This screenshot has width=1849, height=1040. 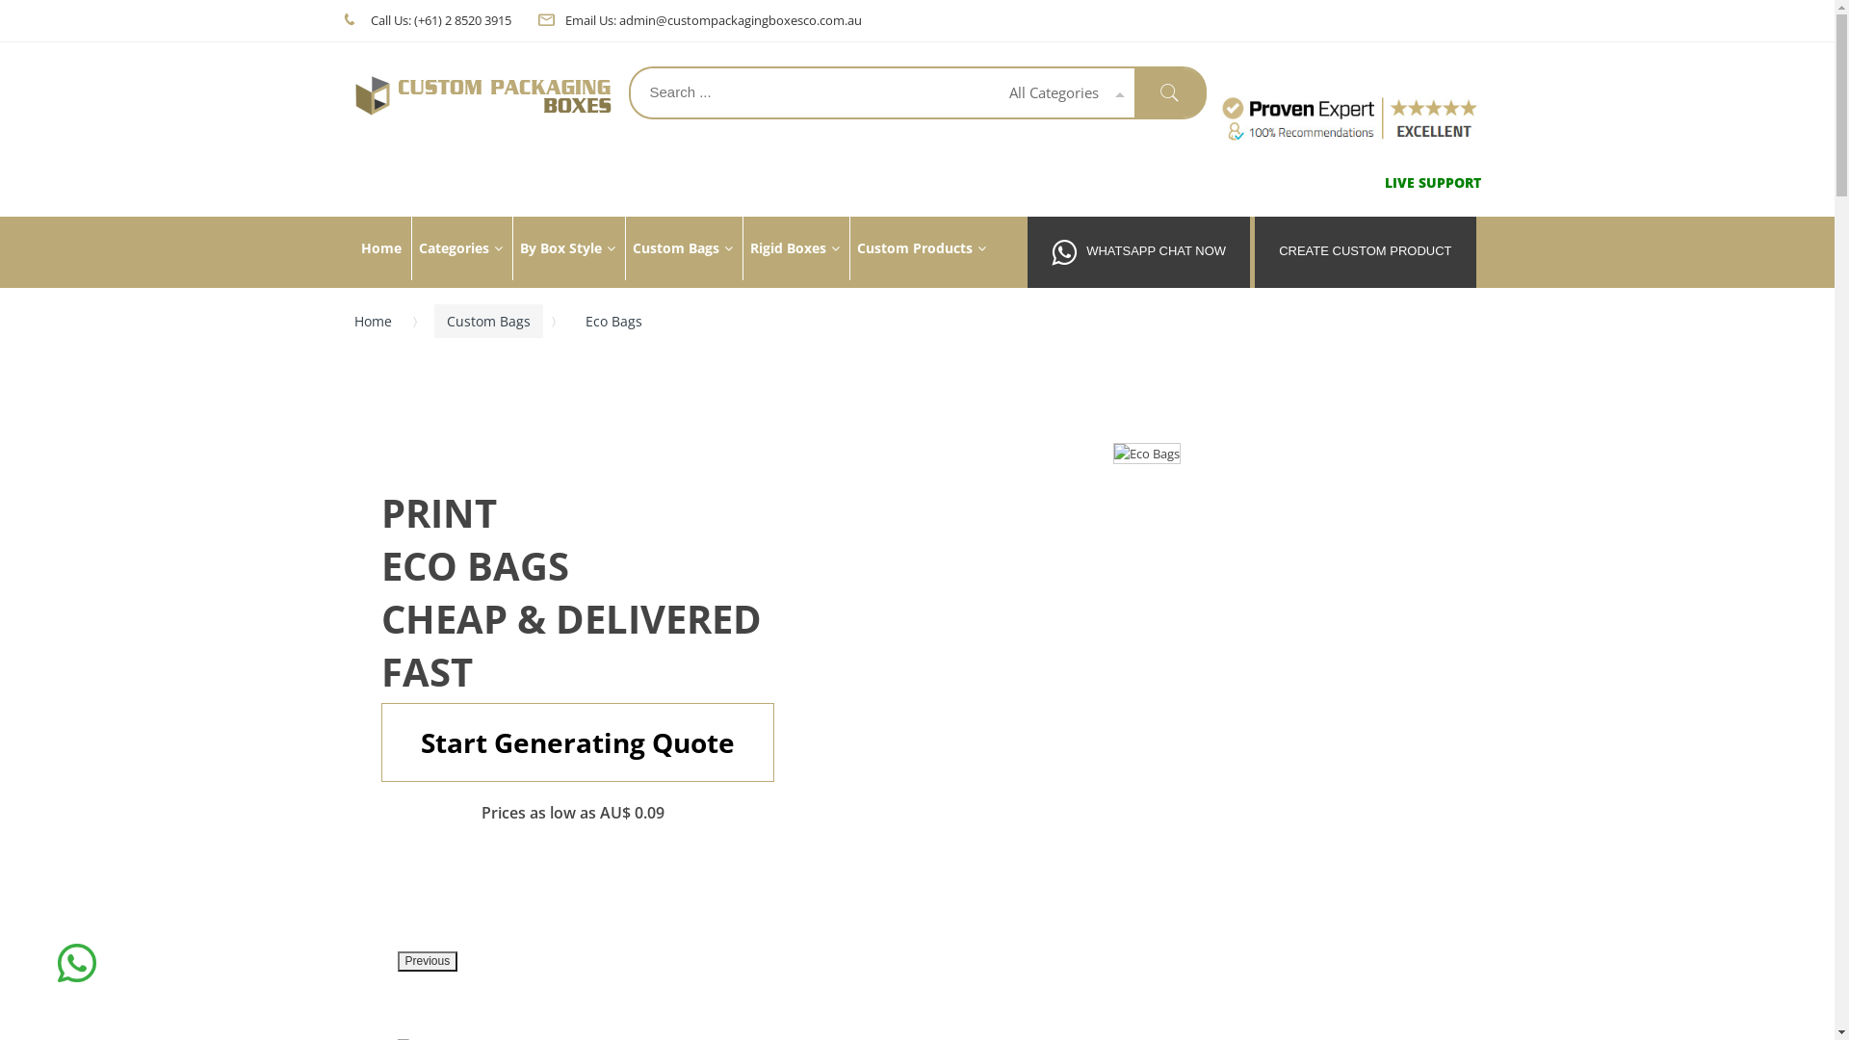 I want to click on 'LIVE SUPPORT', so click(x=1433, y=182).